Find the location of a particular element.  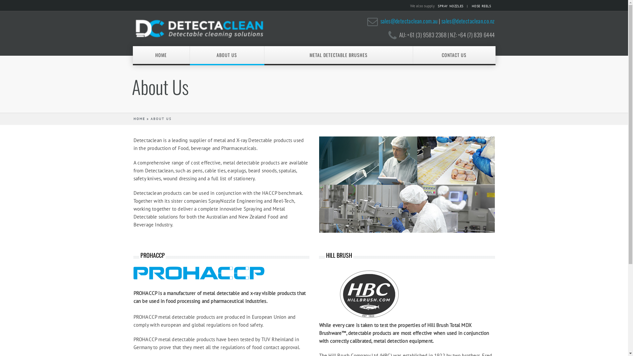

'HOSE REELS' is located at coordinates (483, 6).